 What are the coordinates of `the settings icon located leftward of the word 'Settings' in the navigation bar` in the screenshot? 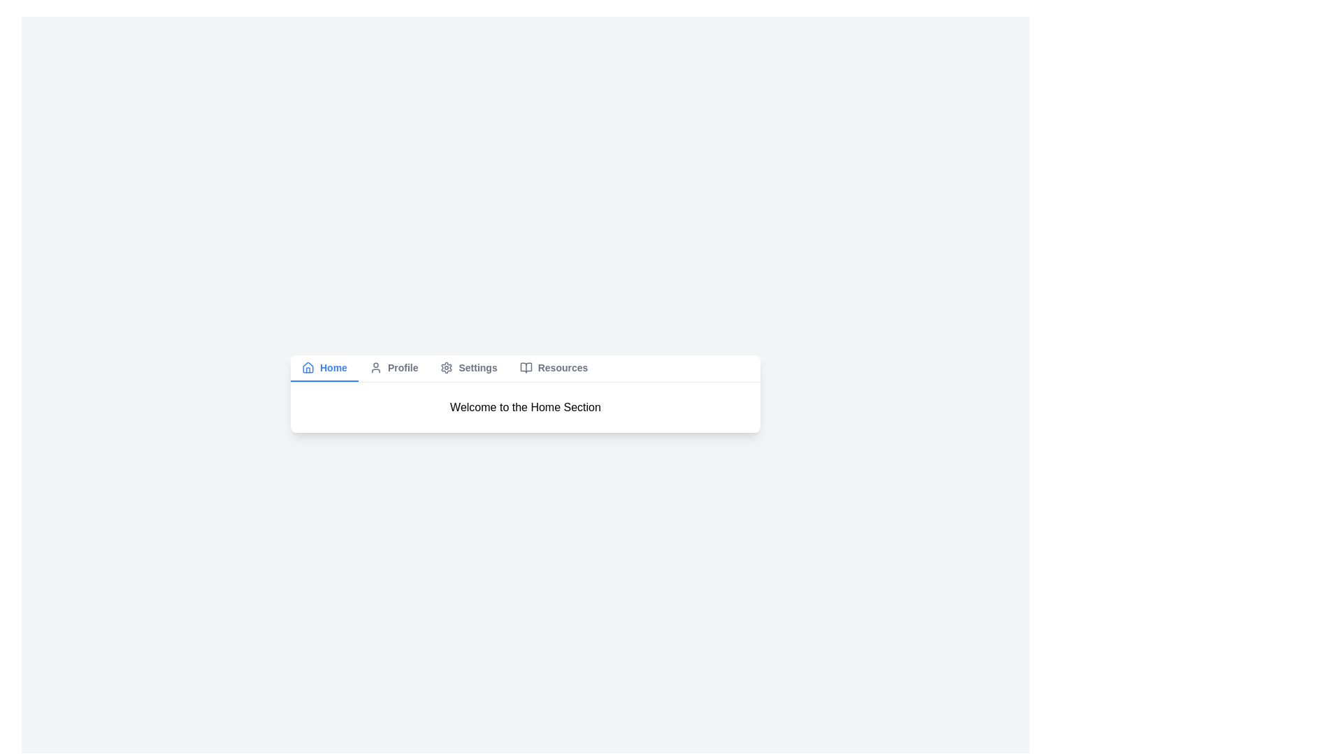 It's located at (446, 367).